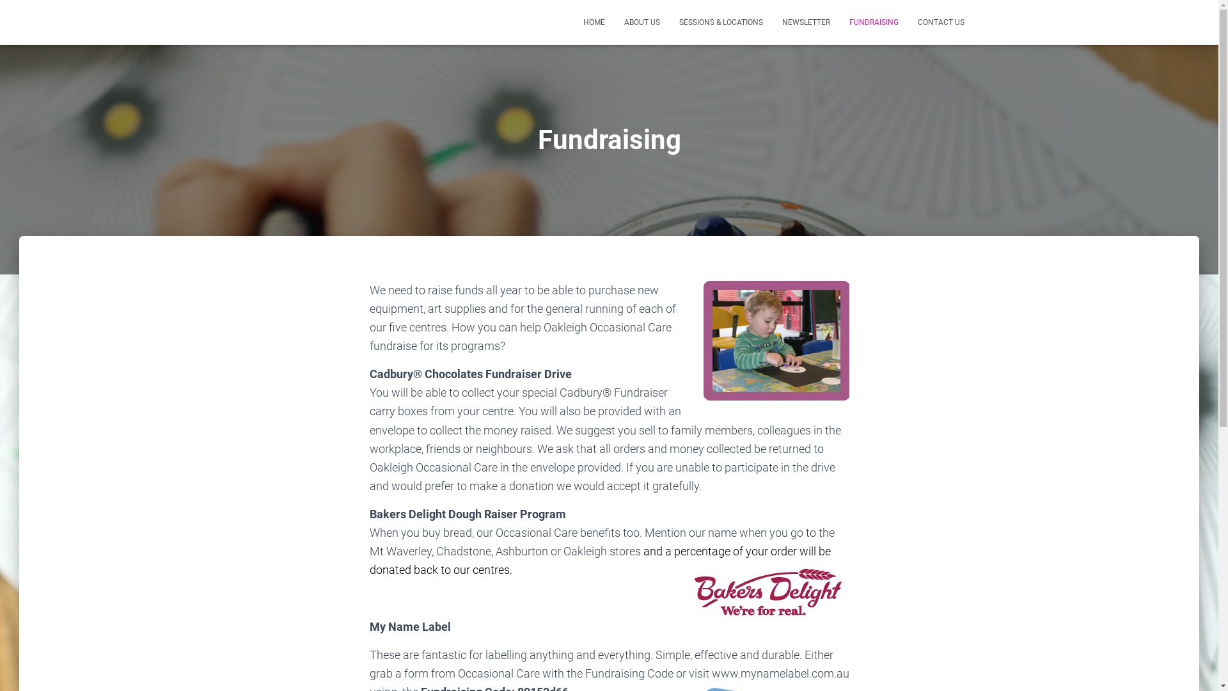  I want to click on 'FUNDRAISING', so click(838, 22).